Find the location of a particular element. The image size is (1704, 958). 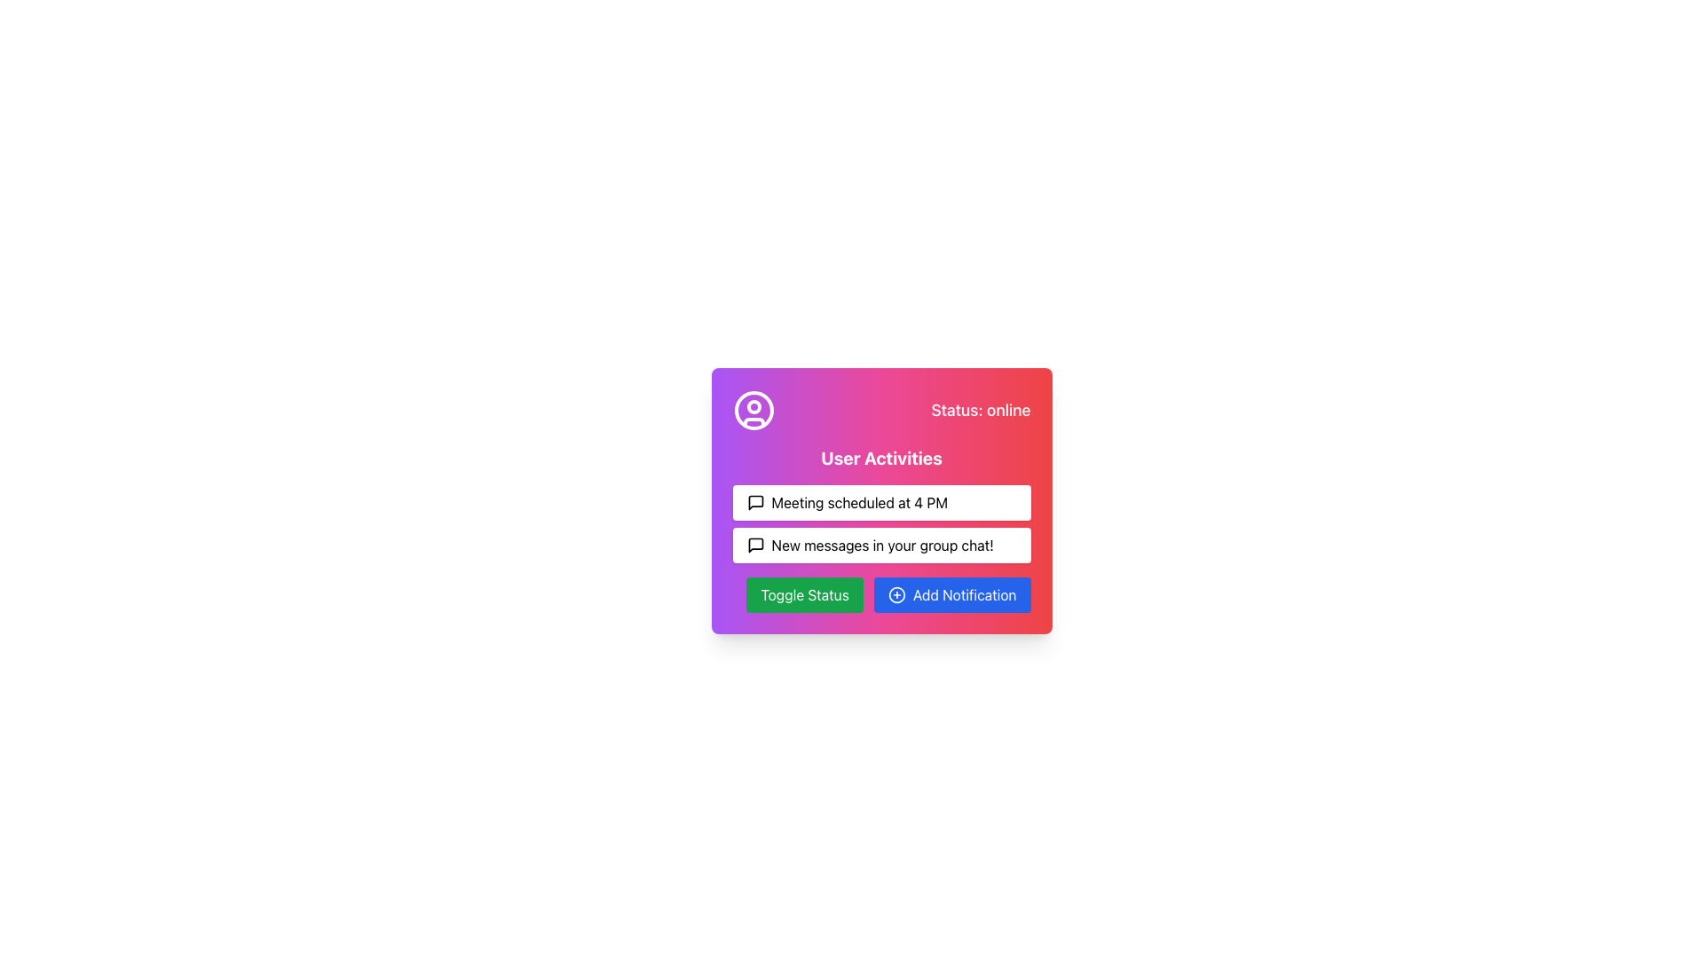

the circular decorative element centered within the user avatar icon at the top-left of the 'User Activities' card is located at coordinates (753, 407).